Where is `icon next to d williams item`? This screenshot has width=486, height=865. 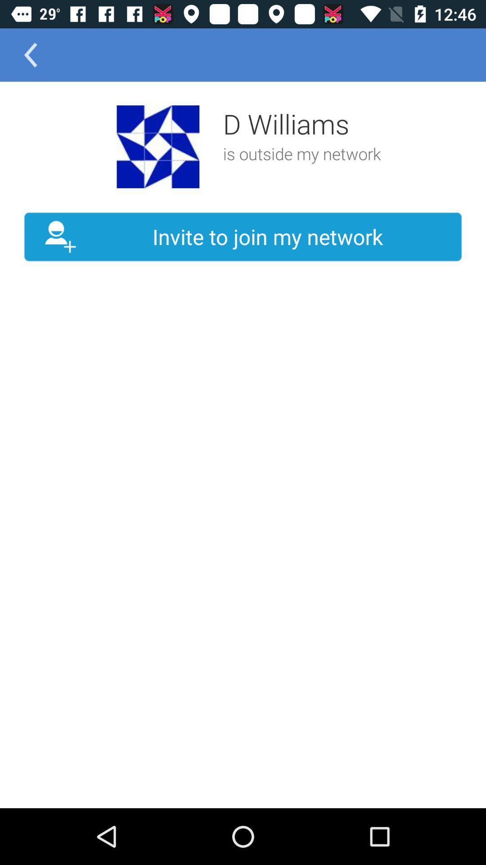
icon next to d williams item is located at coordinates (157, 146).